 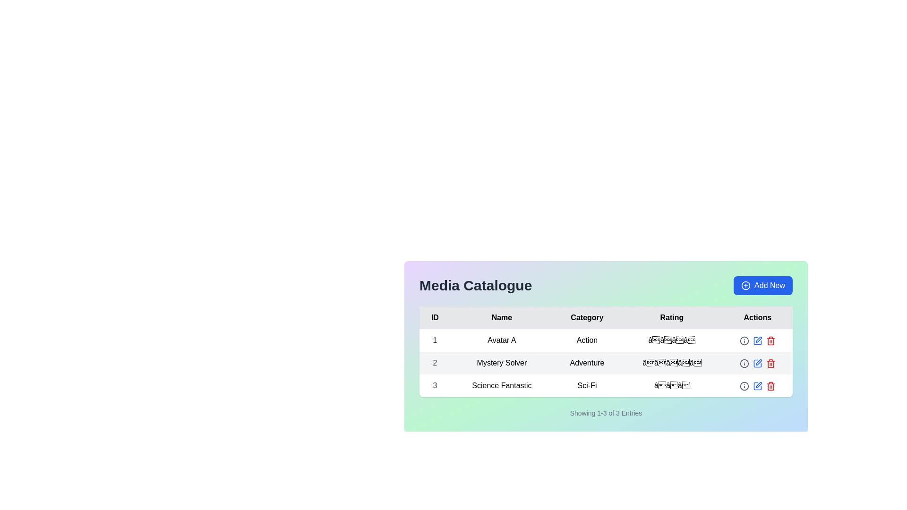 What do you see at coordinates (744, 340) in the screenshot?
I see `the circular icon button with a gray outline located in the 'Actions' column of the first row corresponding to 'Avatar A'` at bounding box center [744, 340].